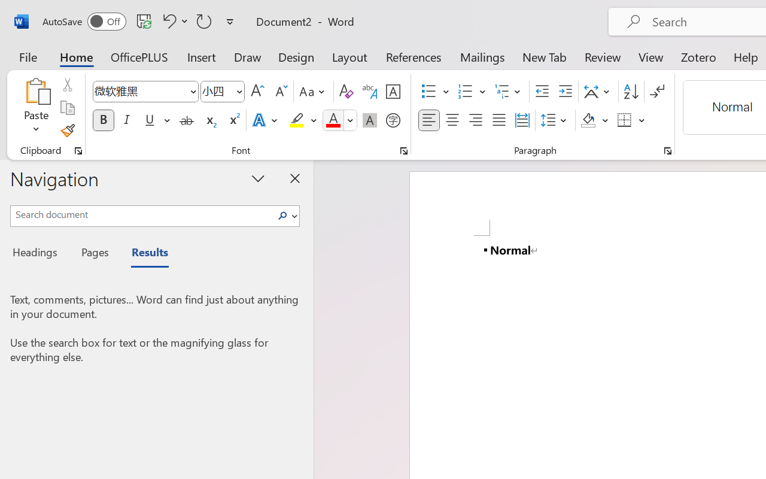 The image size is (766, 479). I want to click on 'File Tab', so click(28, 56).